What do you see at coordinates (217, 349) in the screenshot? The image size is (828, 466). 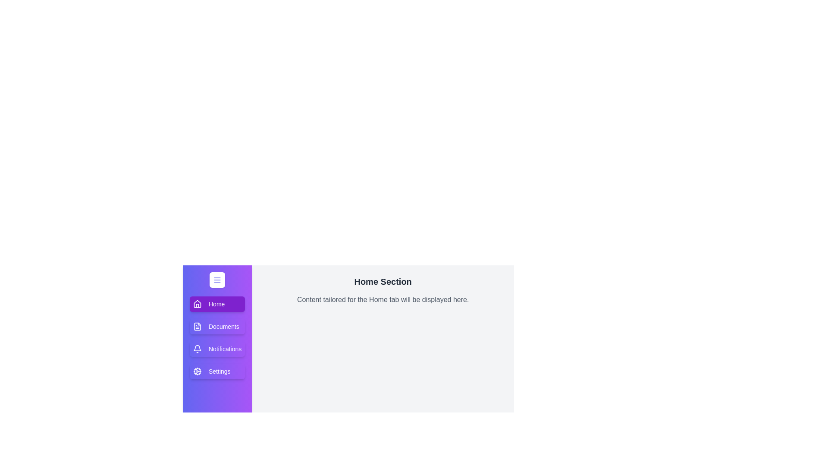 I see `the tab labeled Notifications` at bounding box center [217, 349].